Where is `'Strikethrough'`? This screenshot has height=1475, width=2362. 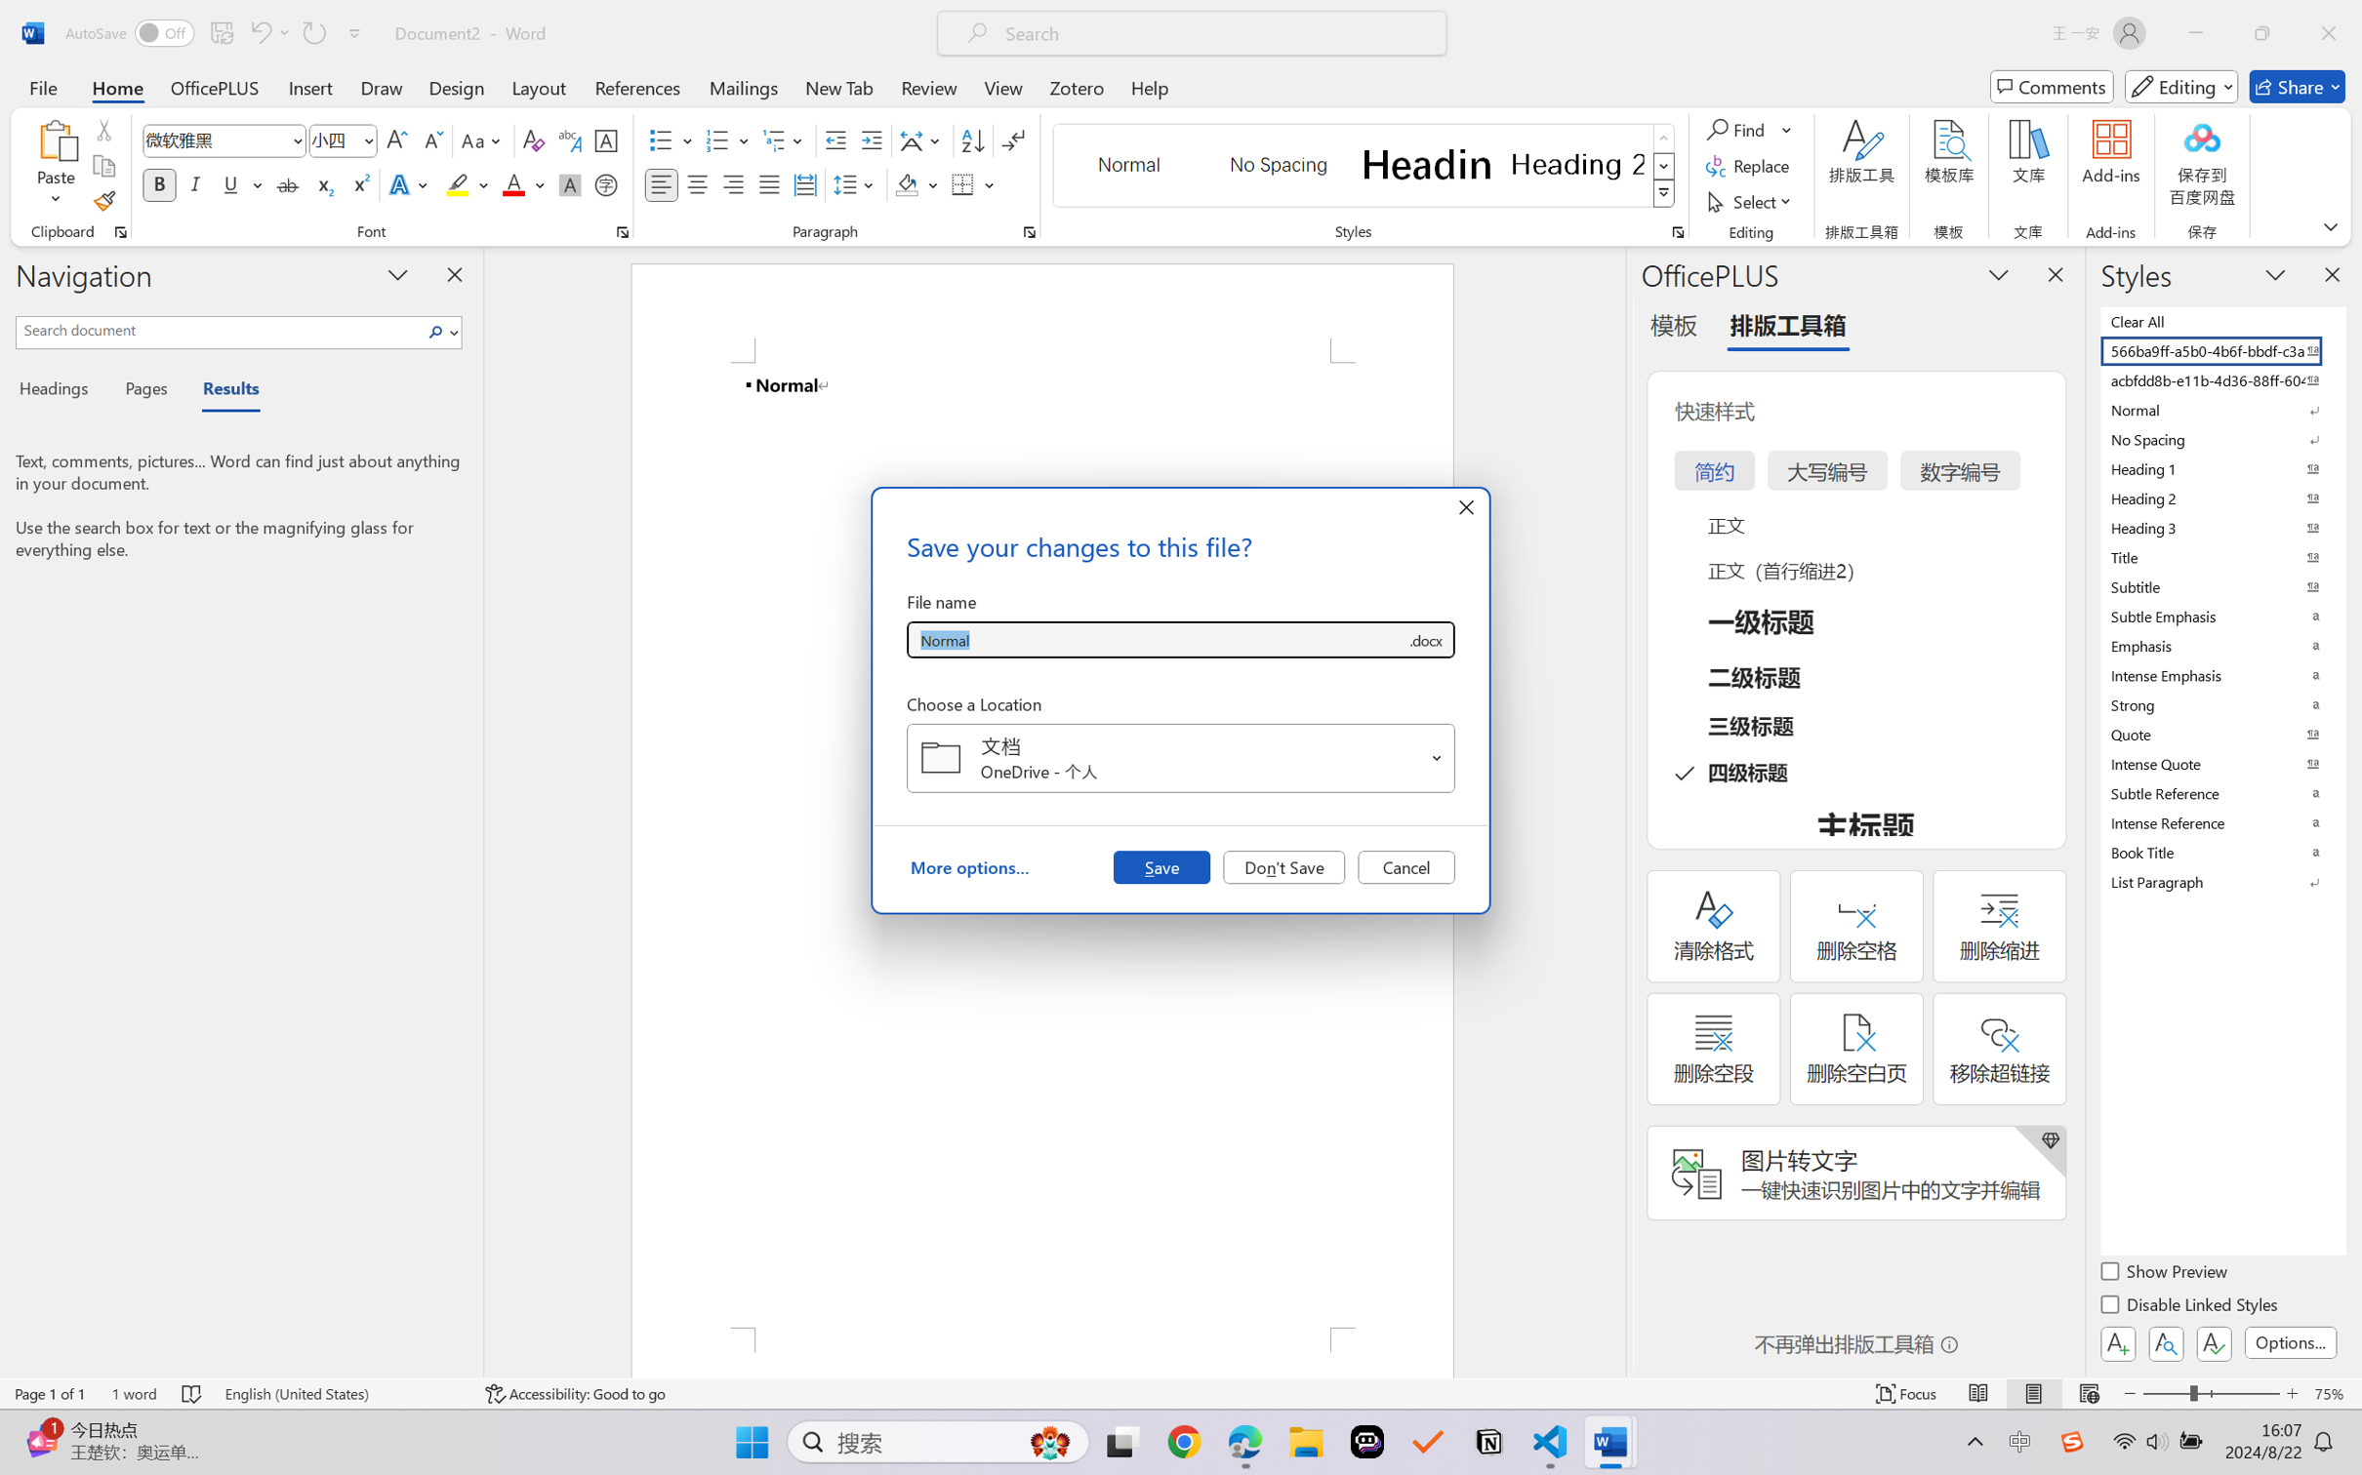
'Strikethrough' is located at coordinates (287, 183).